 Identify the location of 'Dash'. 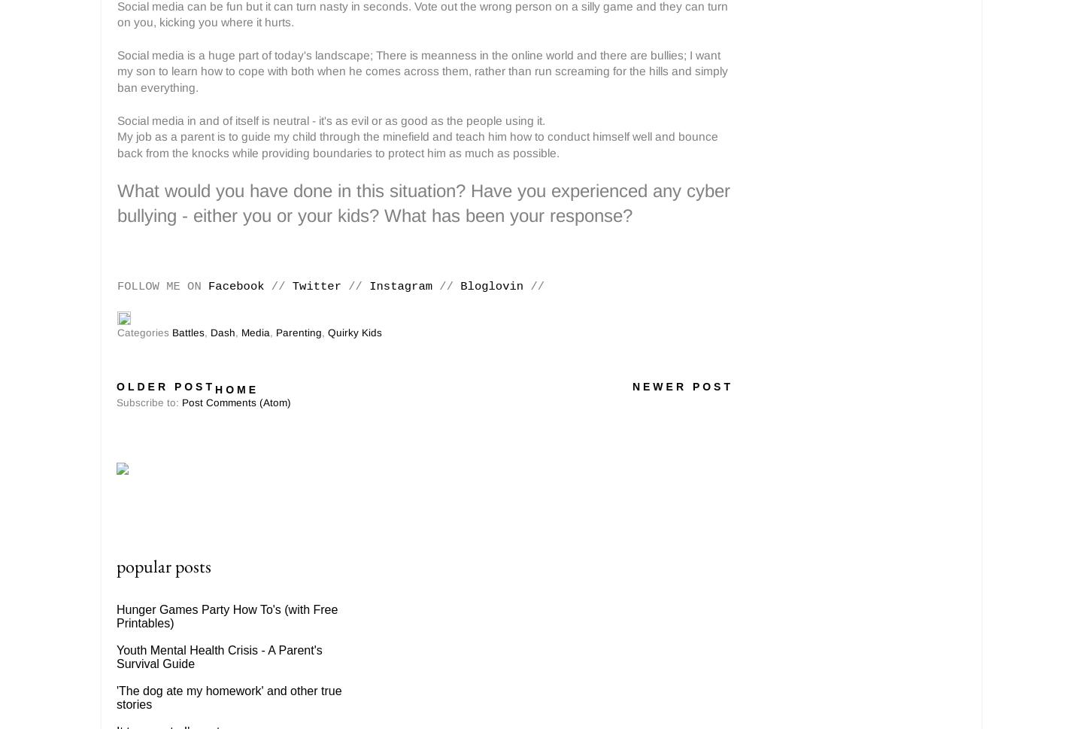
(222, 333).